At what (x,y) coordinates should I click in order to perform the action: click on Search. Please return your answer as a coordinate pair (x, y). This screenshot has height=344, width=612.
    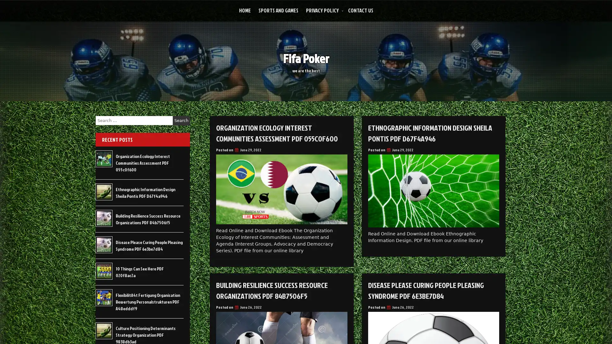
    Looking at the image, I should click on (181, 120).